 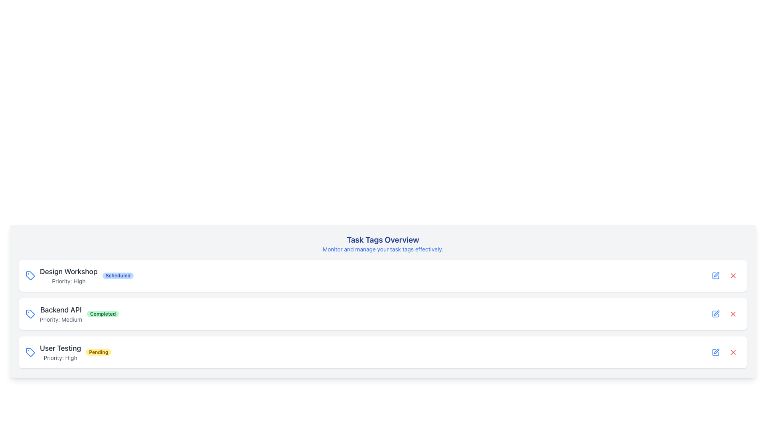 What do you see at coordinates (716, 352) in the screenshot?
I see `the edit icon button located in the last row of the task list for the 'User Testing' task, which is positioned just to the left of the red delete icon` at bounding box center [716, 352].